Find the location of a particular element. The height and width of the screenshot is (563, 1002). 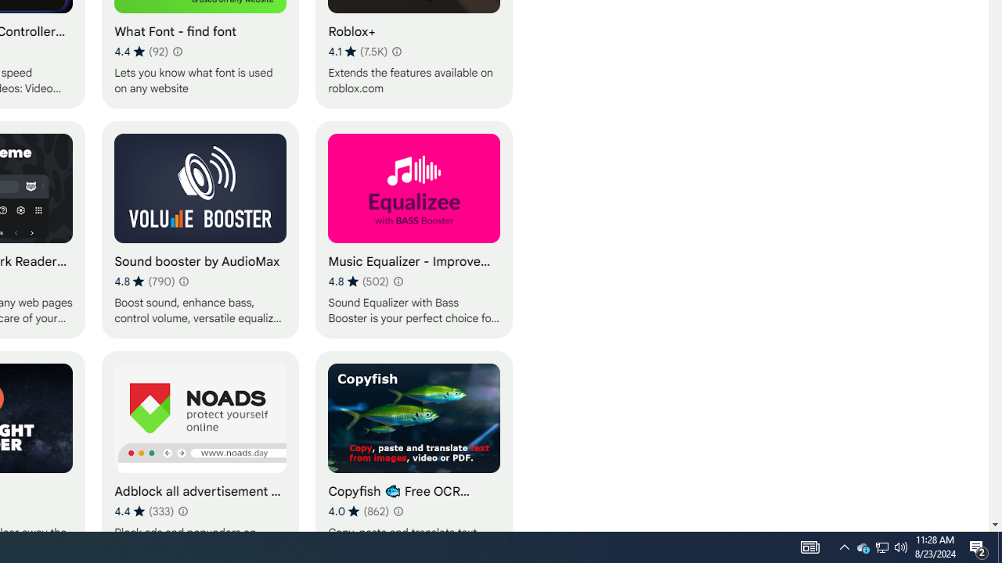

'Average rating 4.8 out of 5 stars. 502 ratings.' is located at coordinates (358, 281).